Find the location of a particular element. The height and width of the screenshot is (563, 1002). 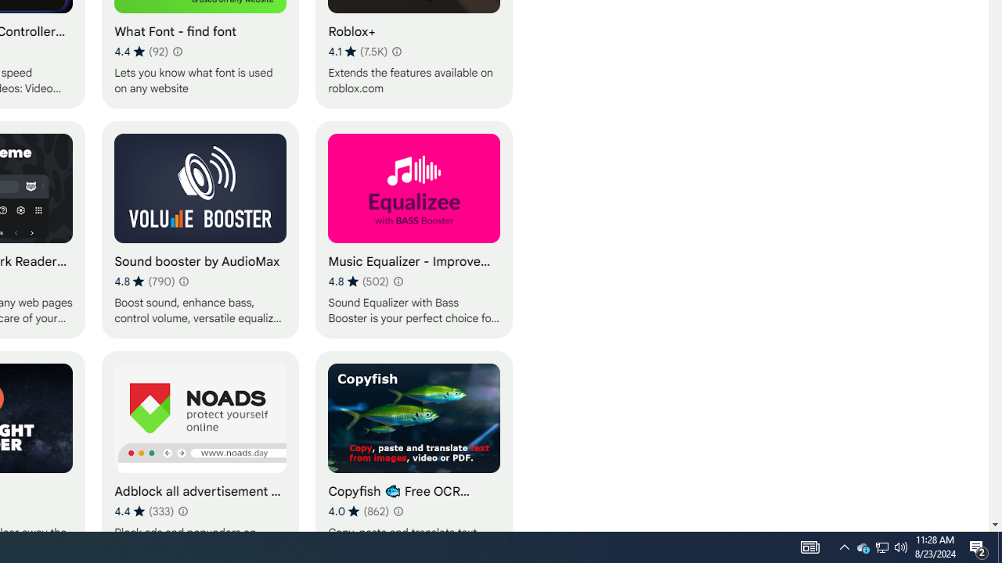

'Average rating 4.8 out of 5 stars. 502 ratings.' is located at coordinates (358, 281).